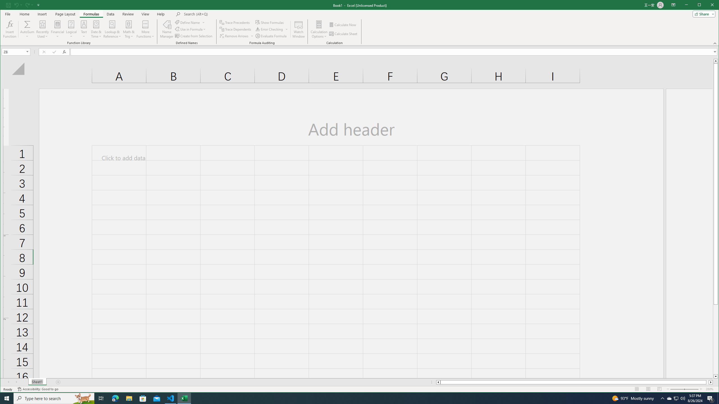 The height and width of the screenshot is (404, 719). Describe the element at coordinates (682, 398) in the screenshot. I see `'Q2790: 100%'` at that location.